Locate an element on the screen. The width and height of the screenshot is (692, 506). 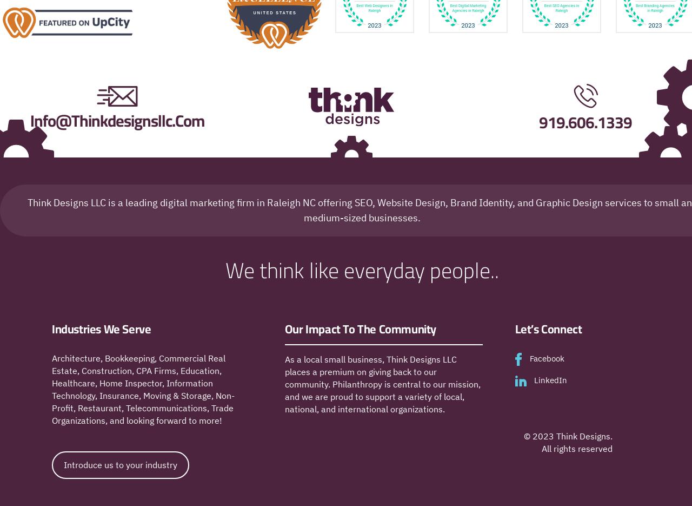
'We think like everyday people..' is located at coordinates (225, 270).